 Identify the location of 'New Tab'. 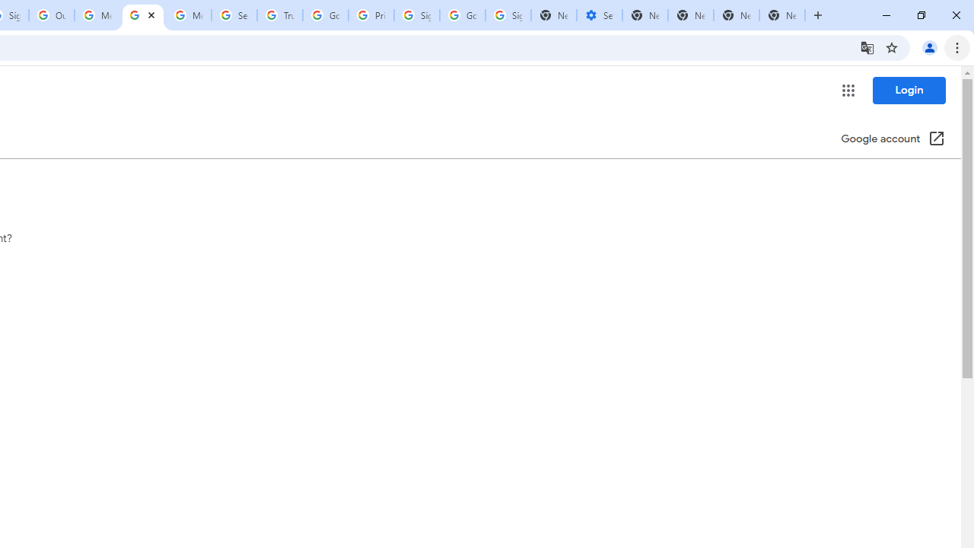
(782, 15).